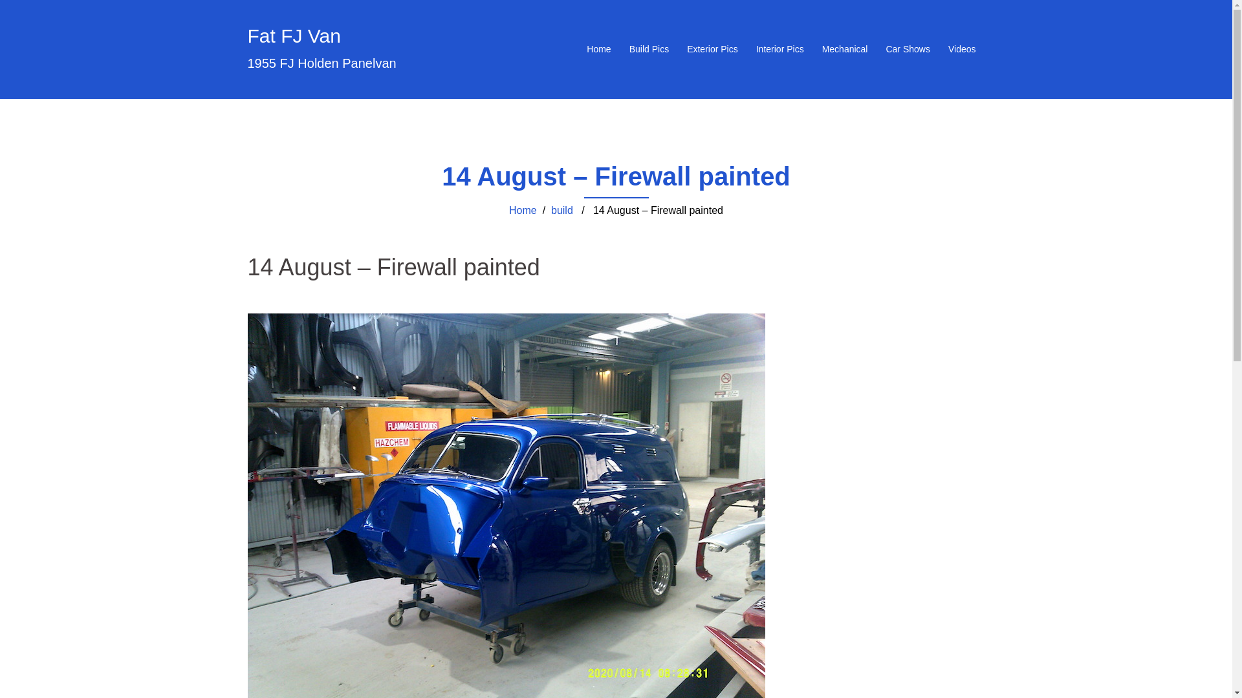 The image size is (1242, 698). I want to click on 'Build Pics', so click(649, 48).